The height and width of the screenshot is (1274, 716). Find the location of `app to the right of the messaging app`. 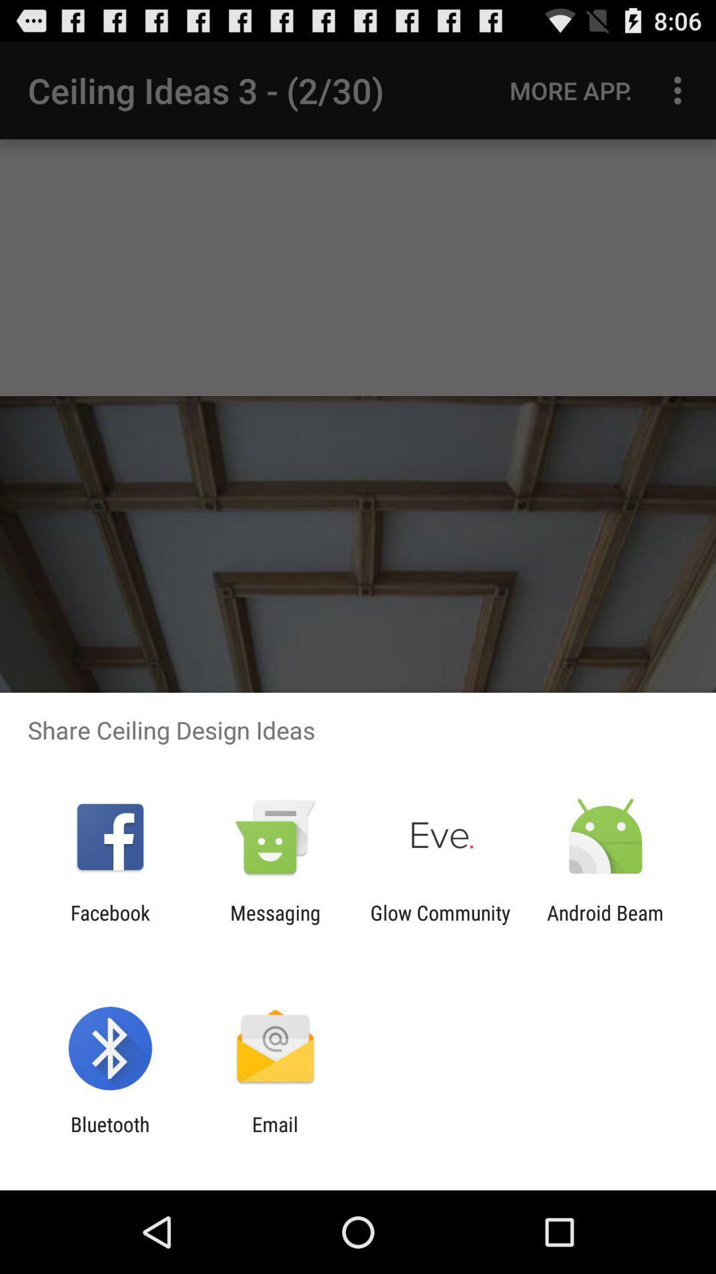

app to the right of the messaging app is located at coordinates (440, 924).